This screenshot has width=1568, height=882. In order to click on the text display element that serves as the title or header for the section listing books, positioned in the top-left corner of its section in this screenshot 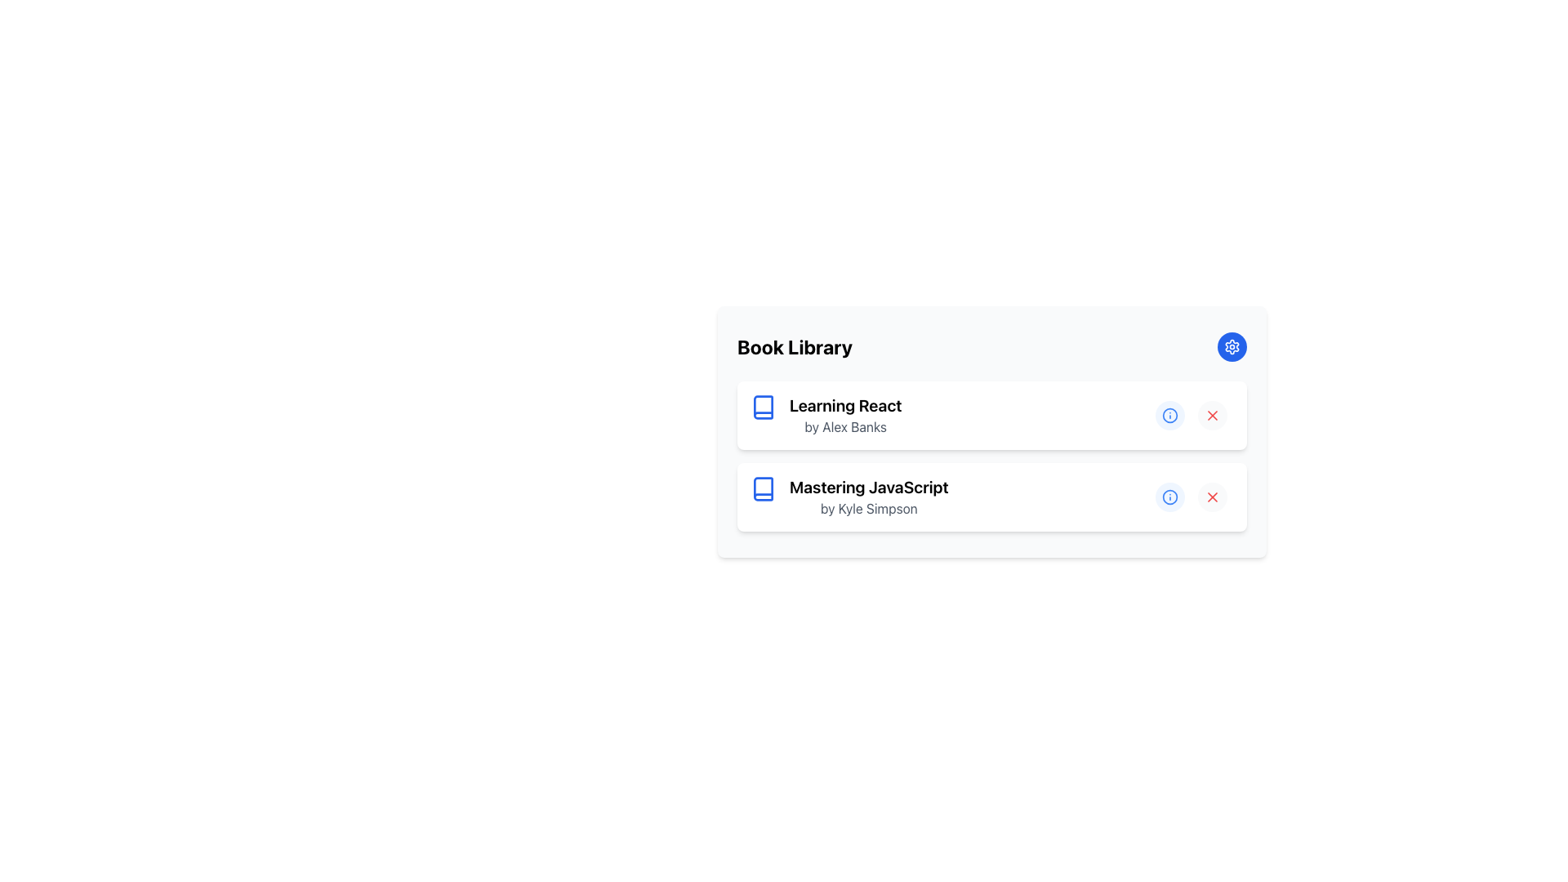, I will do `click(795, 345)`.